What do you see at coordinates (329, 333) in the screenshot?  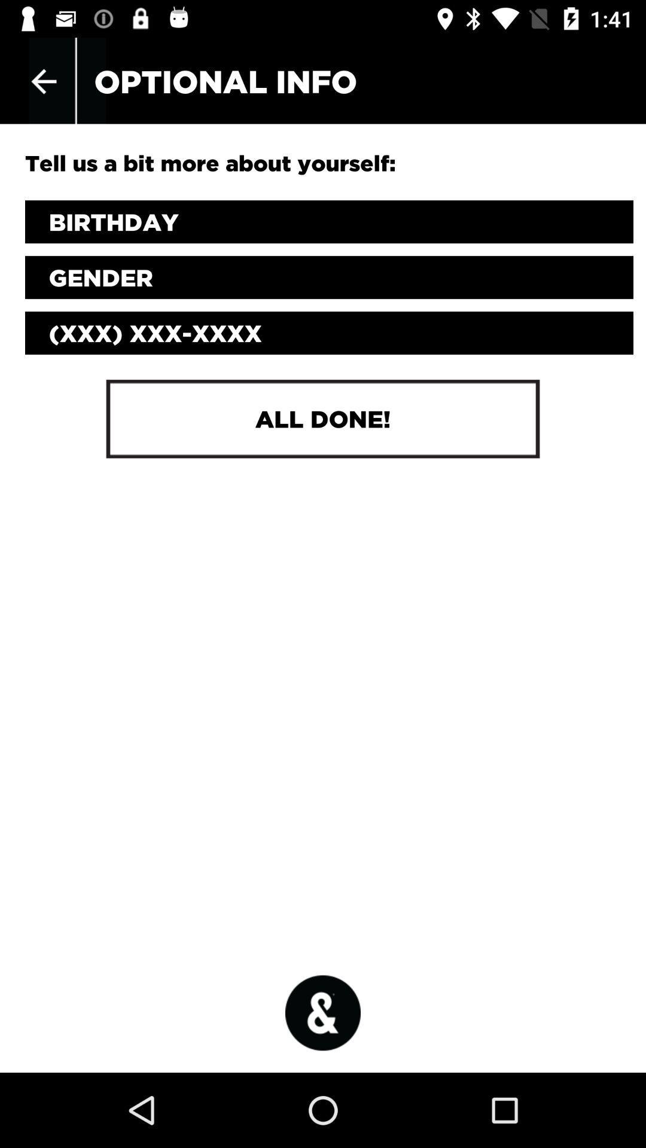 I see `text box for phone number` at bounding box center [329, 333].